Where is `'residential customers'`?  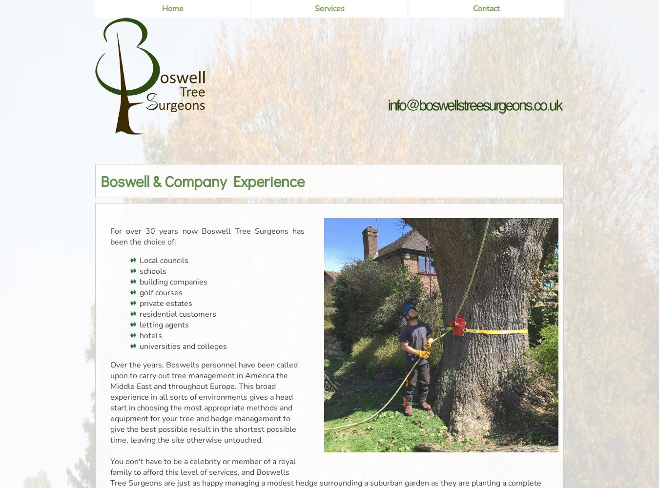 'residential customers' is located at coordinates (178, 314).